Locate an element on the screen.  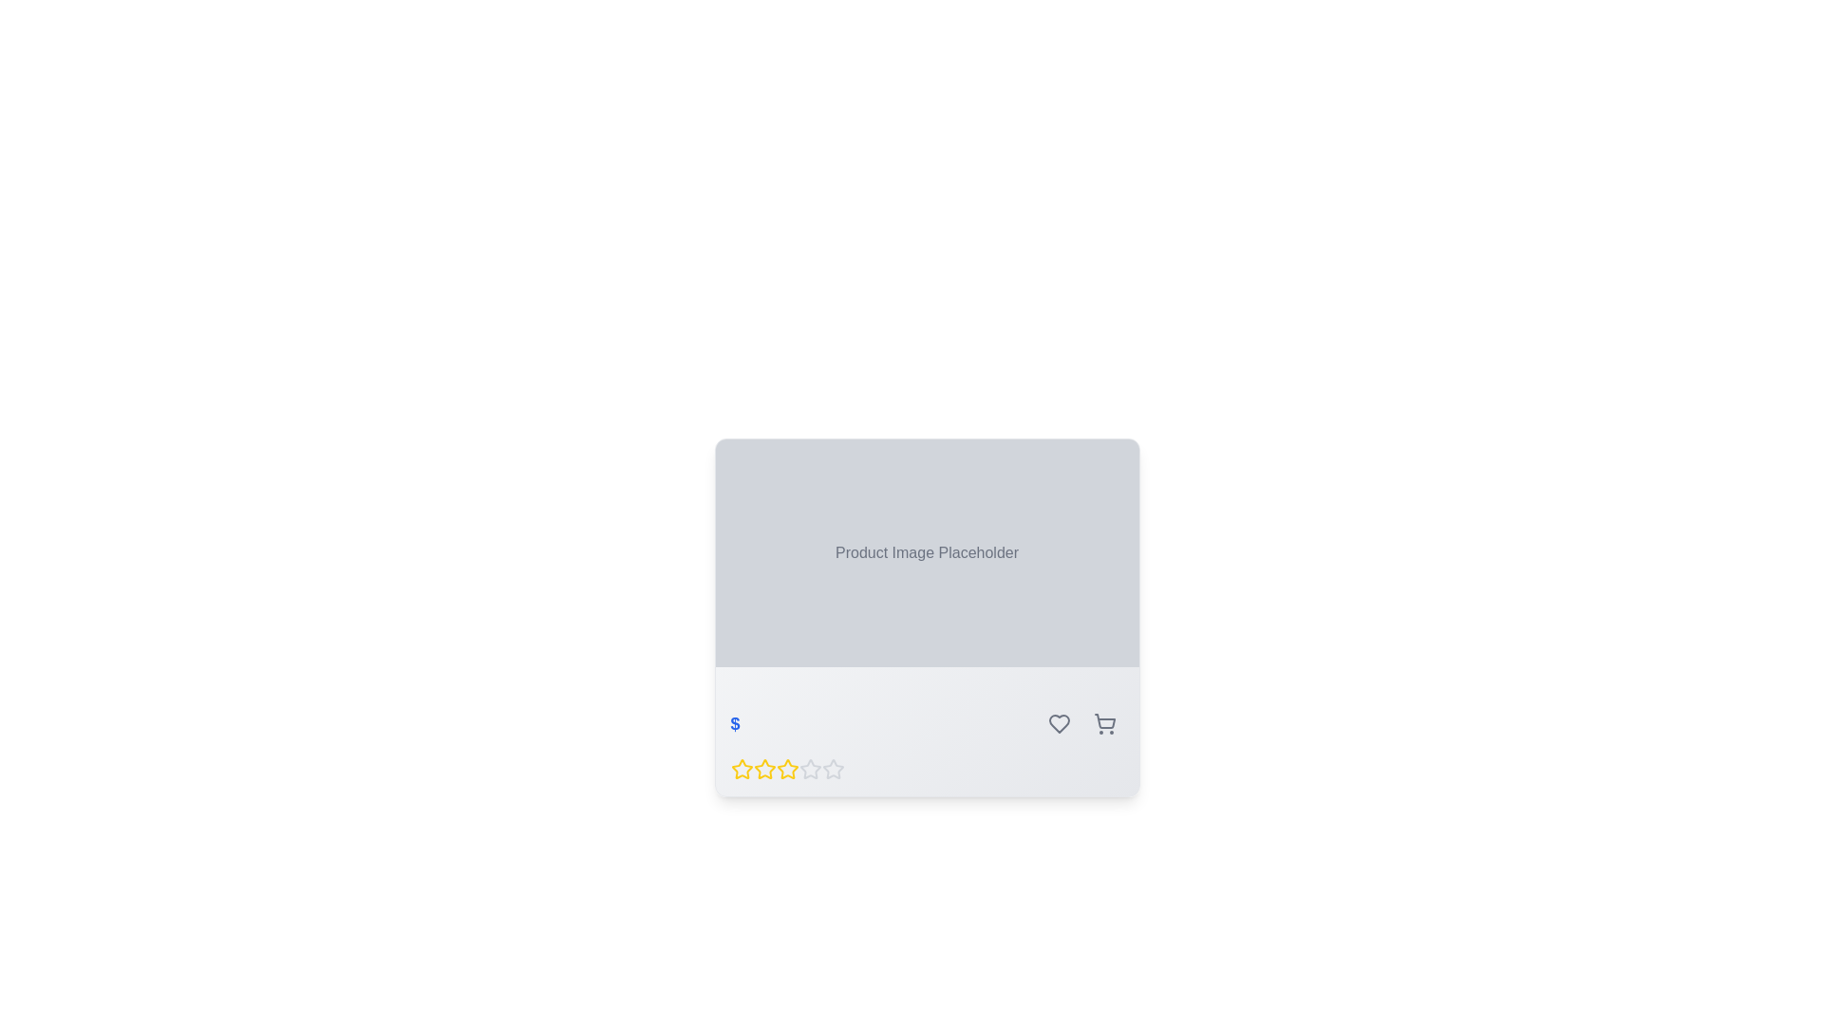
the first yellow star icon in the rating system to assign or change a rating is located at coordinates (741, 769).